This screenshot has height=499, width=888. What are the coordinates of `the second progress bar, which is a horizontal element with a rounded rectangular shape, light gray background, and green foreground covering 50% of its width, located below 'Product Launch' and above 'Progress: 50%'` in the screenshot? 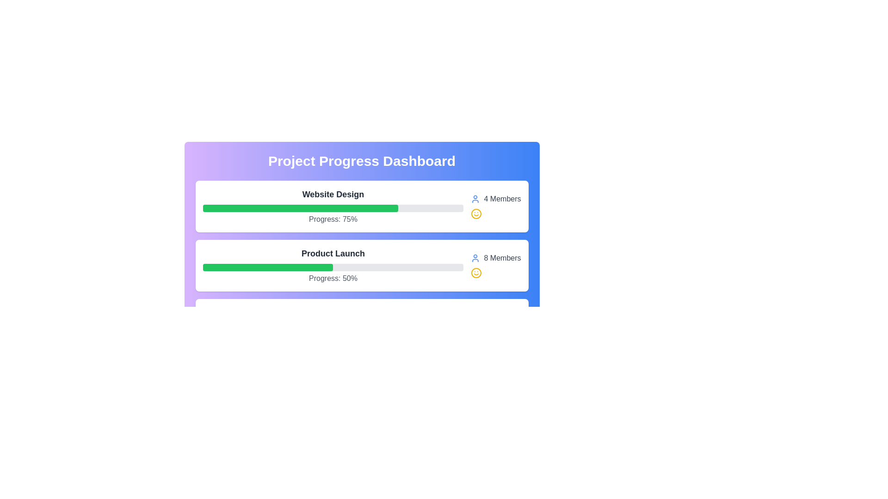 It's located at (333, 267).